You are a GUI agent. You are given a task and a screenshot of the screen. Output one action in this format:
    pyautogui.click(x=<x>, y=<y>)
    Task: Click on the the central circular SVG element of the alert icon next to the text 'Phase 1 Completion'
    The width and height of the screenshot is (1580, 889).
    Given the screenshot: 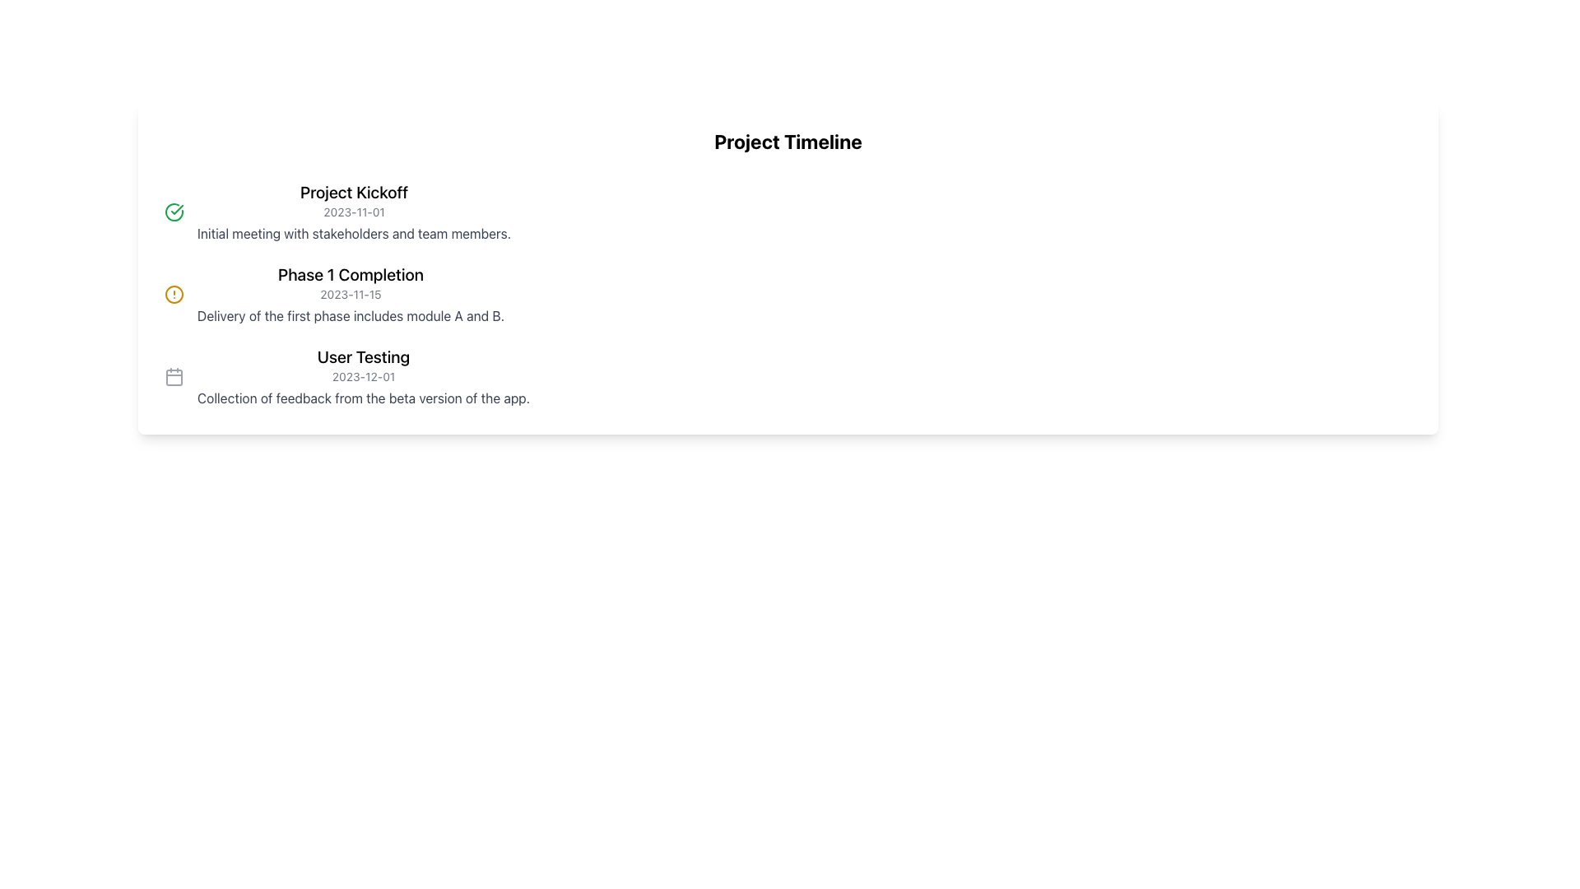 What is the action you would take?
    pyautogui.click(x=174, y=294)
    